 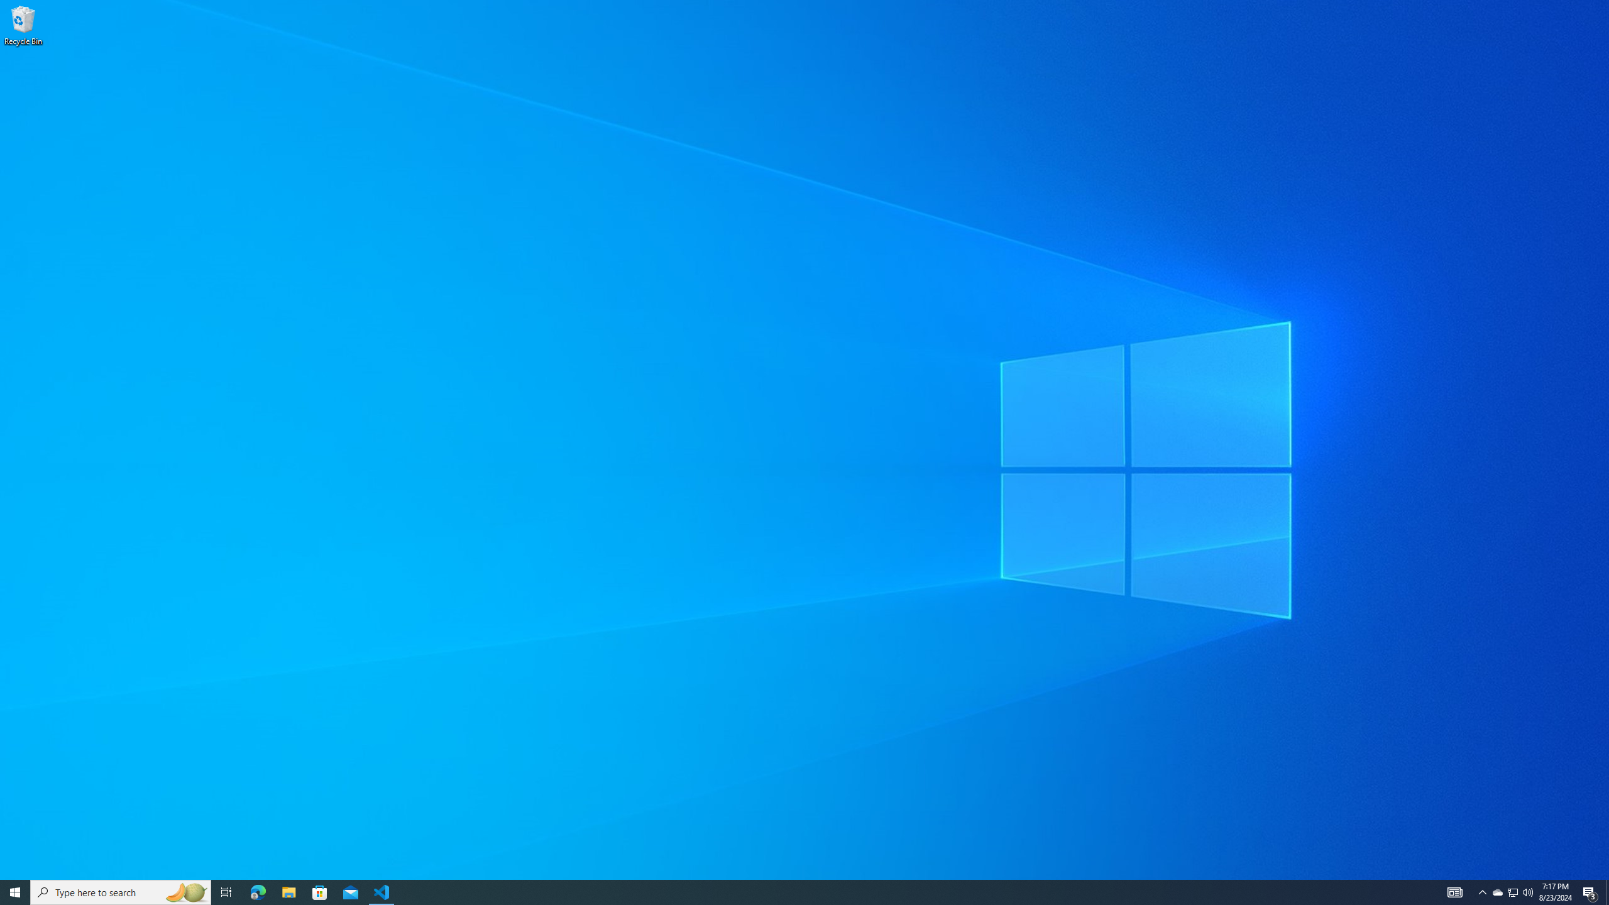 What do you see at coordinates (23, 24) in the screenshot?
I see `'Recycle Bin'` at bounding box center [23, 24].